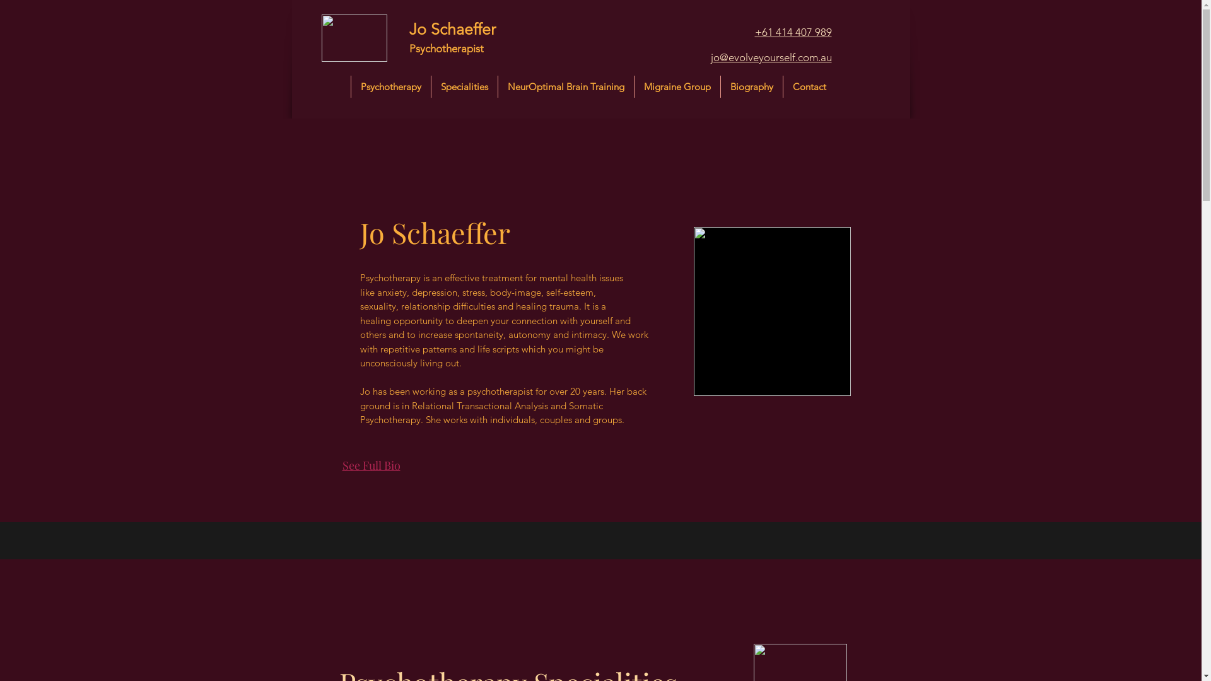 The width and height of the screenshot is (1211, 681). What do you see at coordinates (463, 86) in the screenshot?
I see `'Specialities'` at bounding box center [463, 86].